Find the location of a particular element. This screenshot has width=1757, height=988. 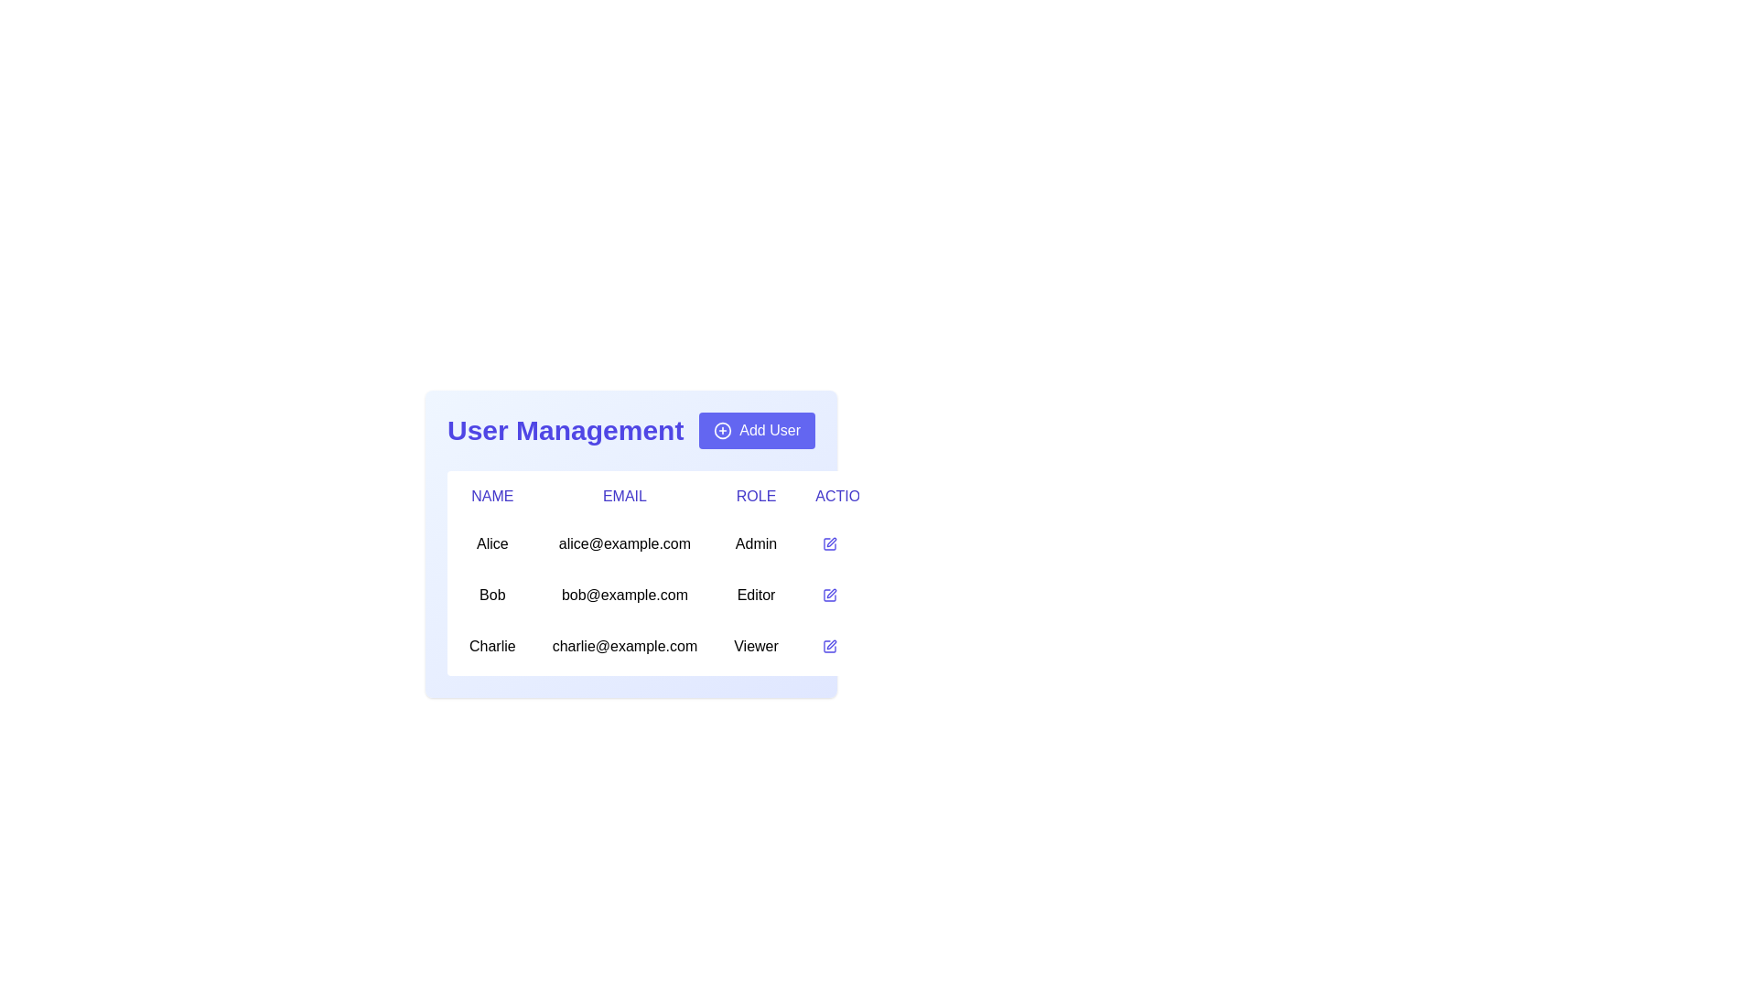

the first row in the User Management table to perform additional actions, which includes user details like name, email, and role is located at coordinates (674, 542).